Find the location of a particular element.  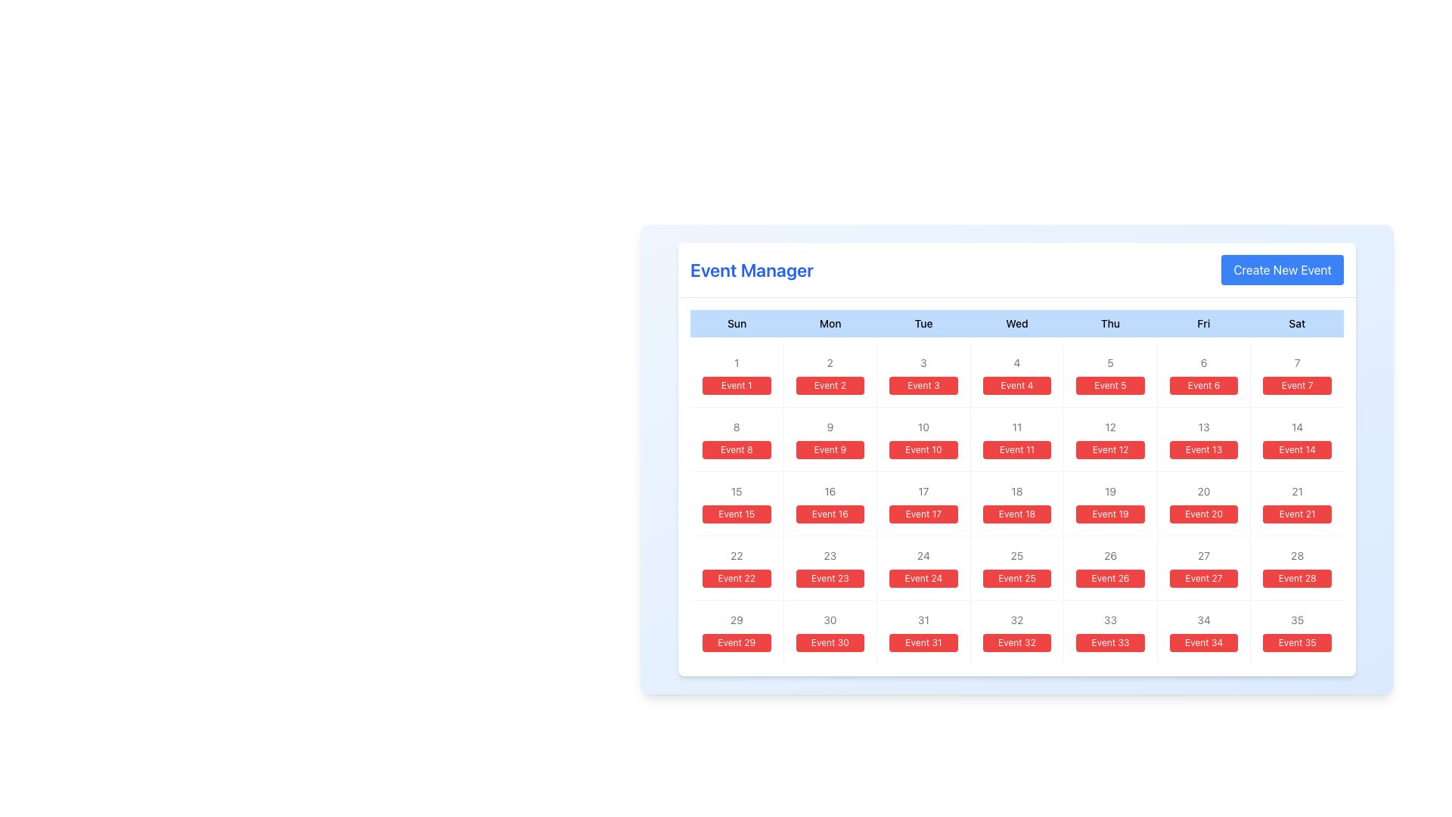

the button labeled 'Event 33' located in the calendar grid, specifically in the sixth column of the row labeled '29-35', using keyboard navigation is located at coordinates (1110, 642).